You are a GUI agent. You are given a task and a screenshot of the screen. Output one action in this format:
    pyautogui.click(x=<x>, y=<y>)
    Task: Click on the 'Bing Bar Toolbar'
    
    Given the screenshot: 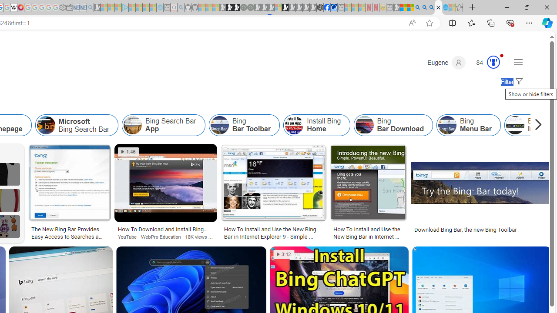 What is the action you would take?
    pyautogui.click(x=219, y=125)
    